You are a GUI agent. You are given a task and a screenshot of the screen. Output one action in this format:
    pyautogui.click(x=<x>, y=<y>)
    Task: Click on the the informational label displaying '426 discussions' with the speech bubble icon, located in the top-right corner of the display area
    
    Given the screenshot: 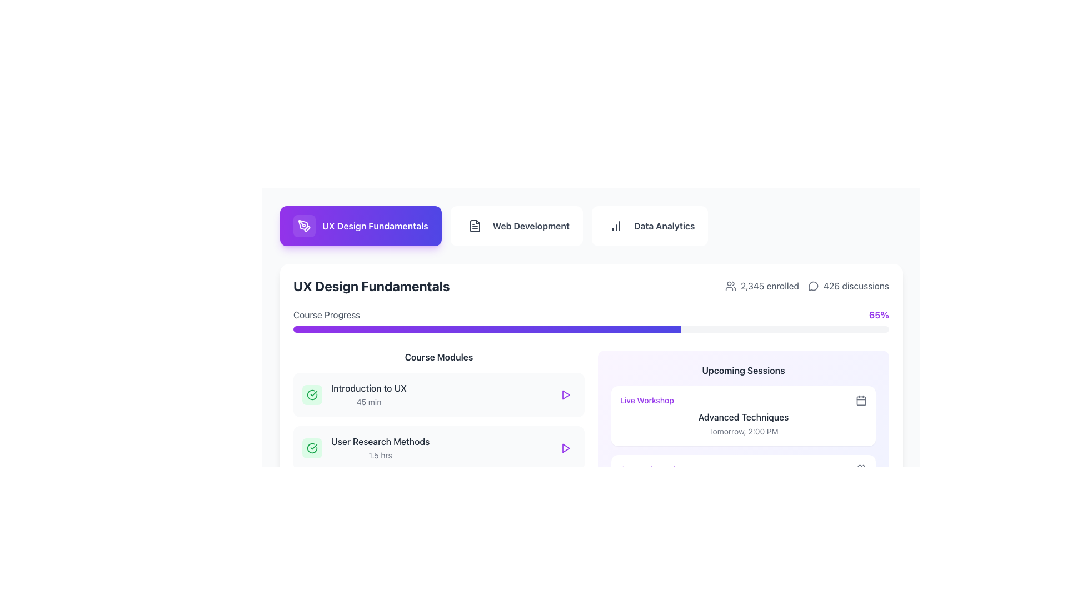 What is the action you would take?
    pyautogui.click(x=847, y=286)
    